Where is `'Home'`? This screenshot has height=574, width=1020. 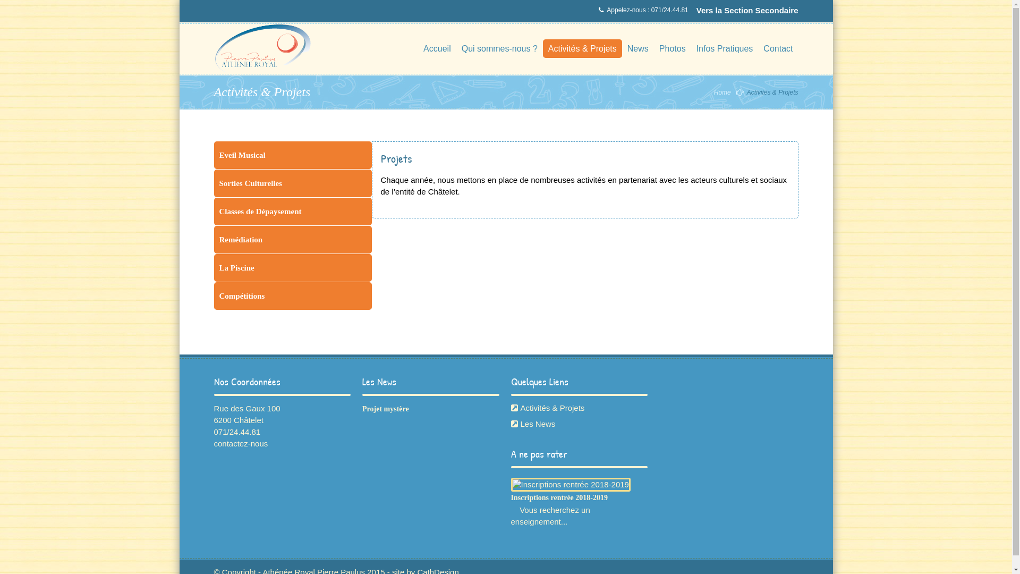 'Home' is located at coordinates (722, 91).